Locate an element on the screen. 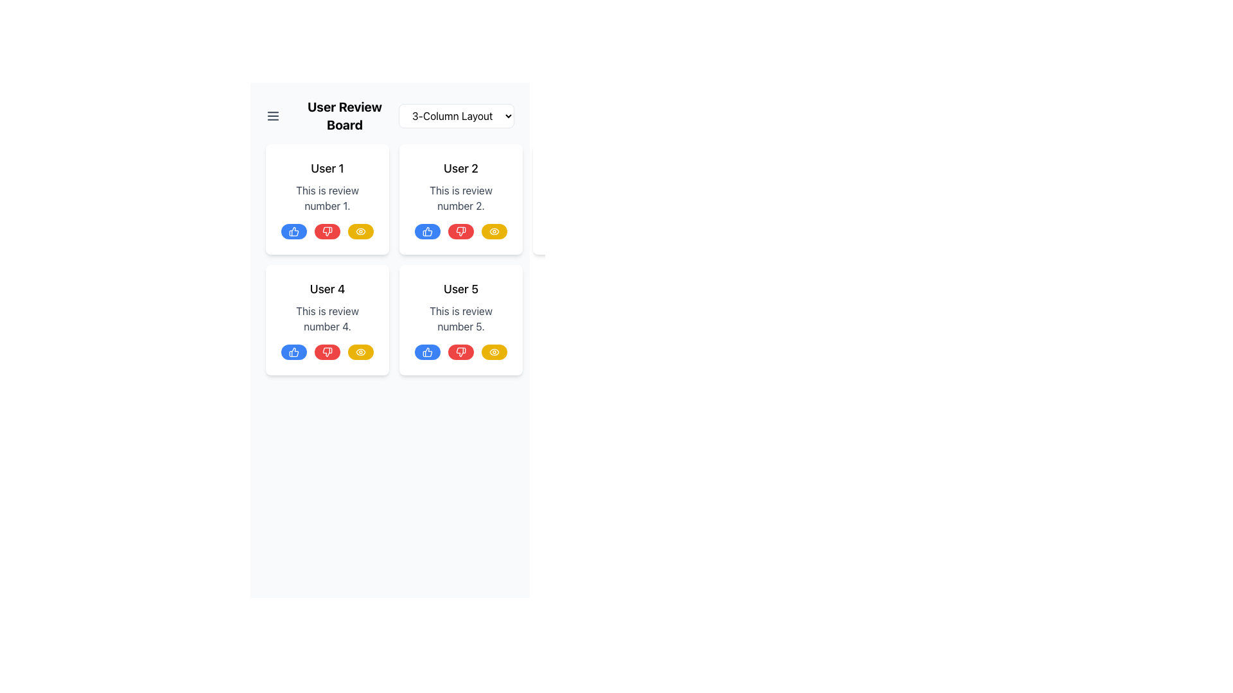 The width and height of the screenshot is (1233, 693). the thumbs-up icon button with a blue circular background to like the review for 'User 4' is located at coordinates (428, 352).